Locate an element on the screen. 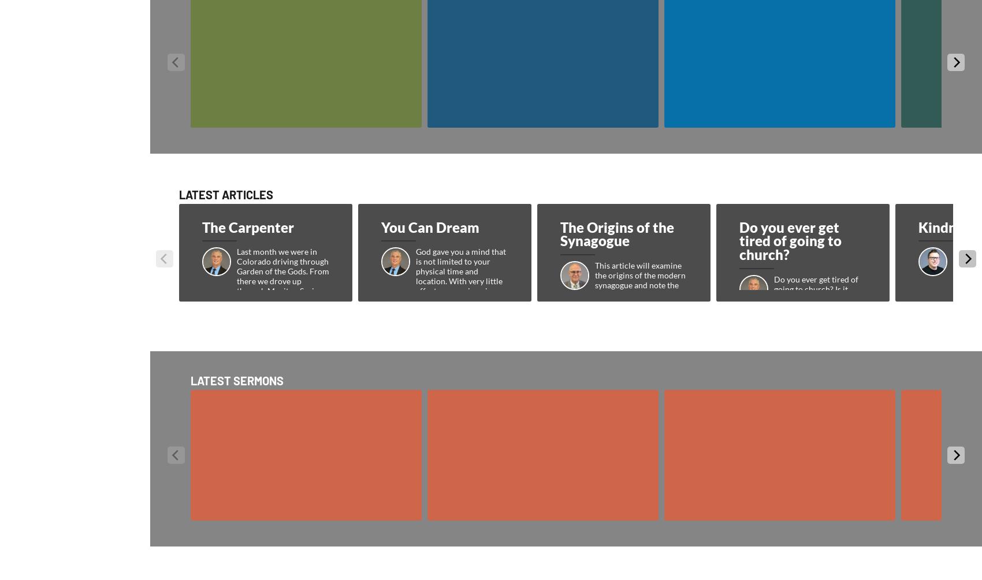 The image size is (982, 580). 'God gave you a mind that is not limited to your physical time and location. With very little effort you can imagine yourself being in a different place a different time, being able to do things you can't actually do.' is located at coordinates (461, 295).